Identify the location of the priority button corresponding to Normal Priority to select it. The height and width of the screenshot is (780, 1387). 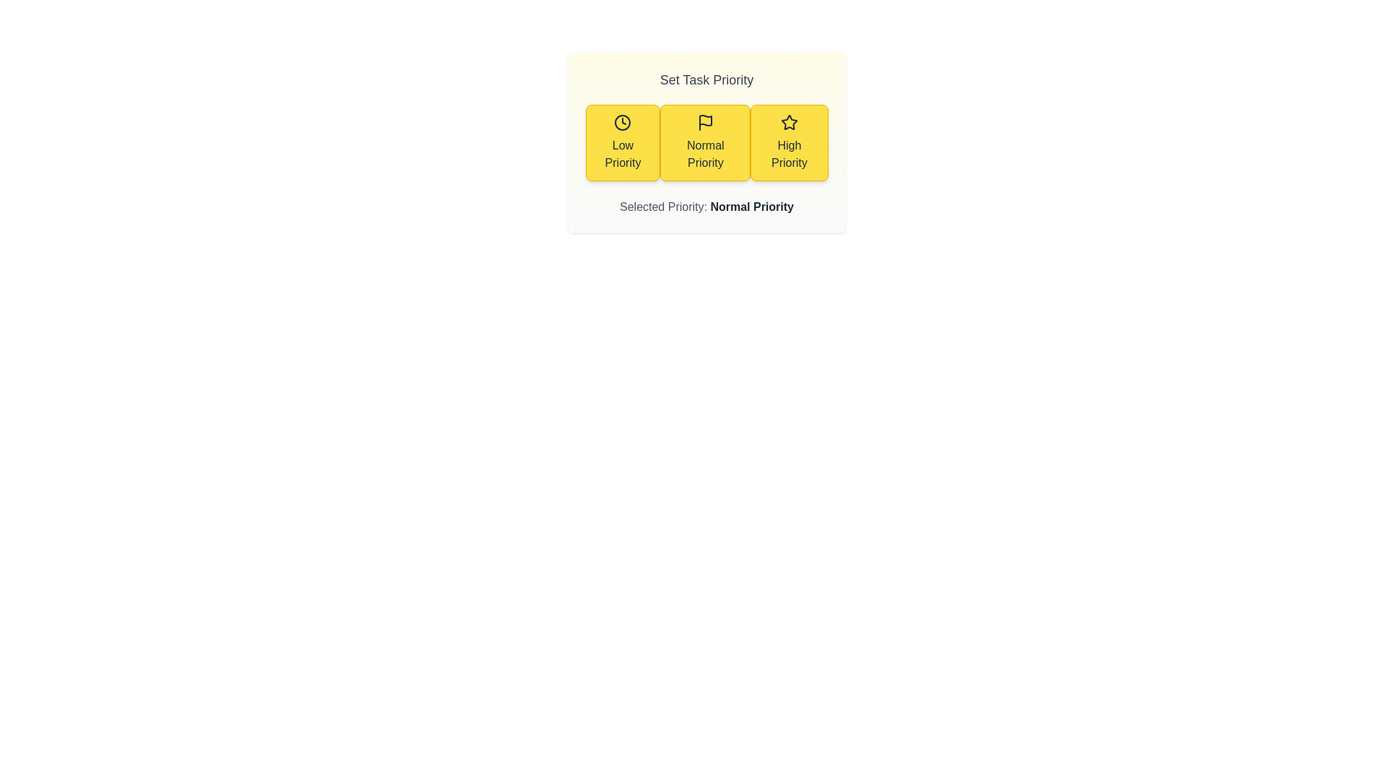
(704, 142).